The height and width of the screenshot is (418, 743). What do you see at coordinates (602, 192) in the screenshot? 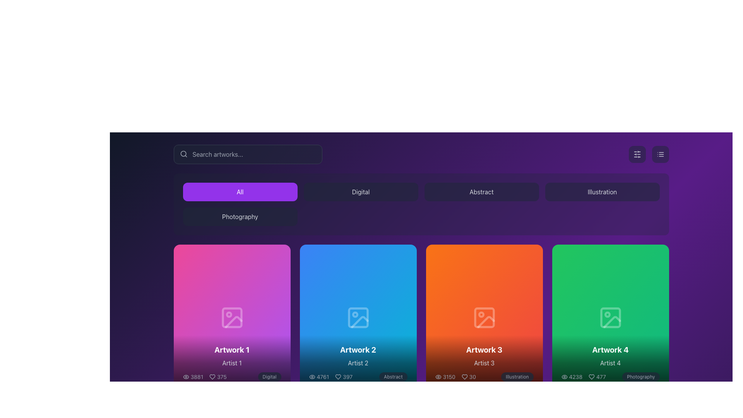
I see `the 'Illustration' button, which is a rectangular button with rounded corners featuring light gray text, located between the 'Abstract' and 'Photography' buttons in a grid layout` at bounding box center [602, 192].